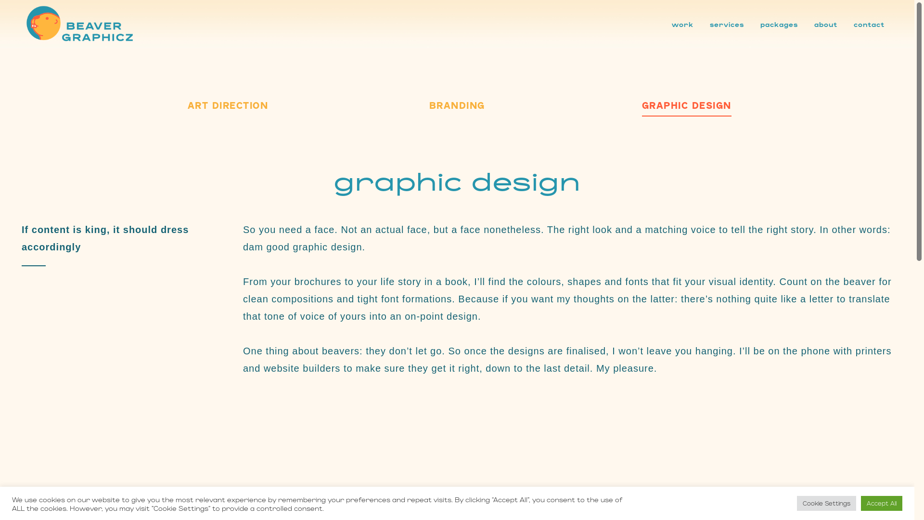  Describe the element at coordinates (826, 503) in the screenshot. I see `'Cookie Settings'` at that location.